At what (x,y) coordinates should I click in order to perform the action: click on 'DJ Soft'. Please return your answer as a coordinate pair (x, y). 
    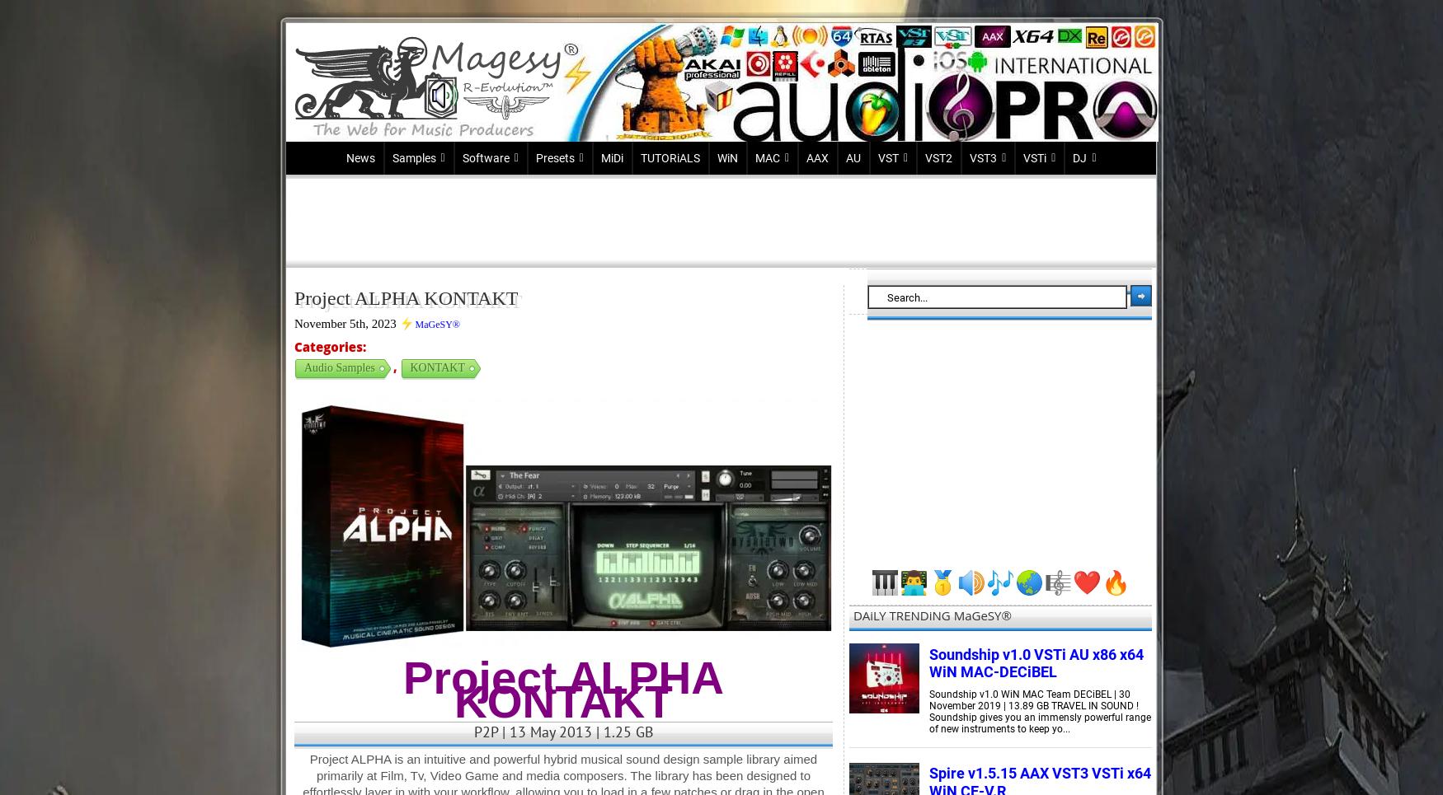
    Looking at the image, I should click on (1092, 187).